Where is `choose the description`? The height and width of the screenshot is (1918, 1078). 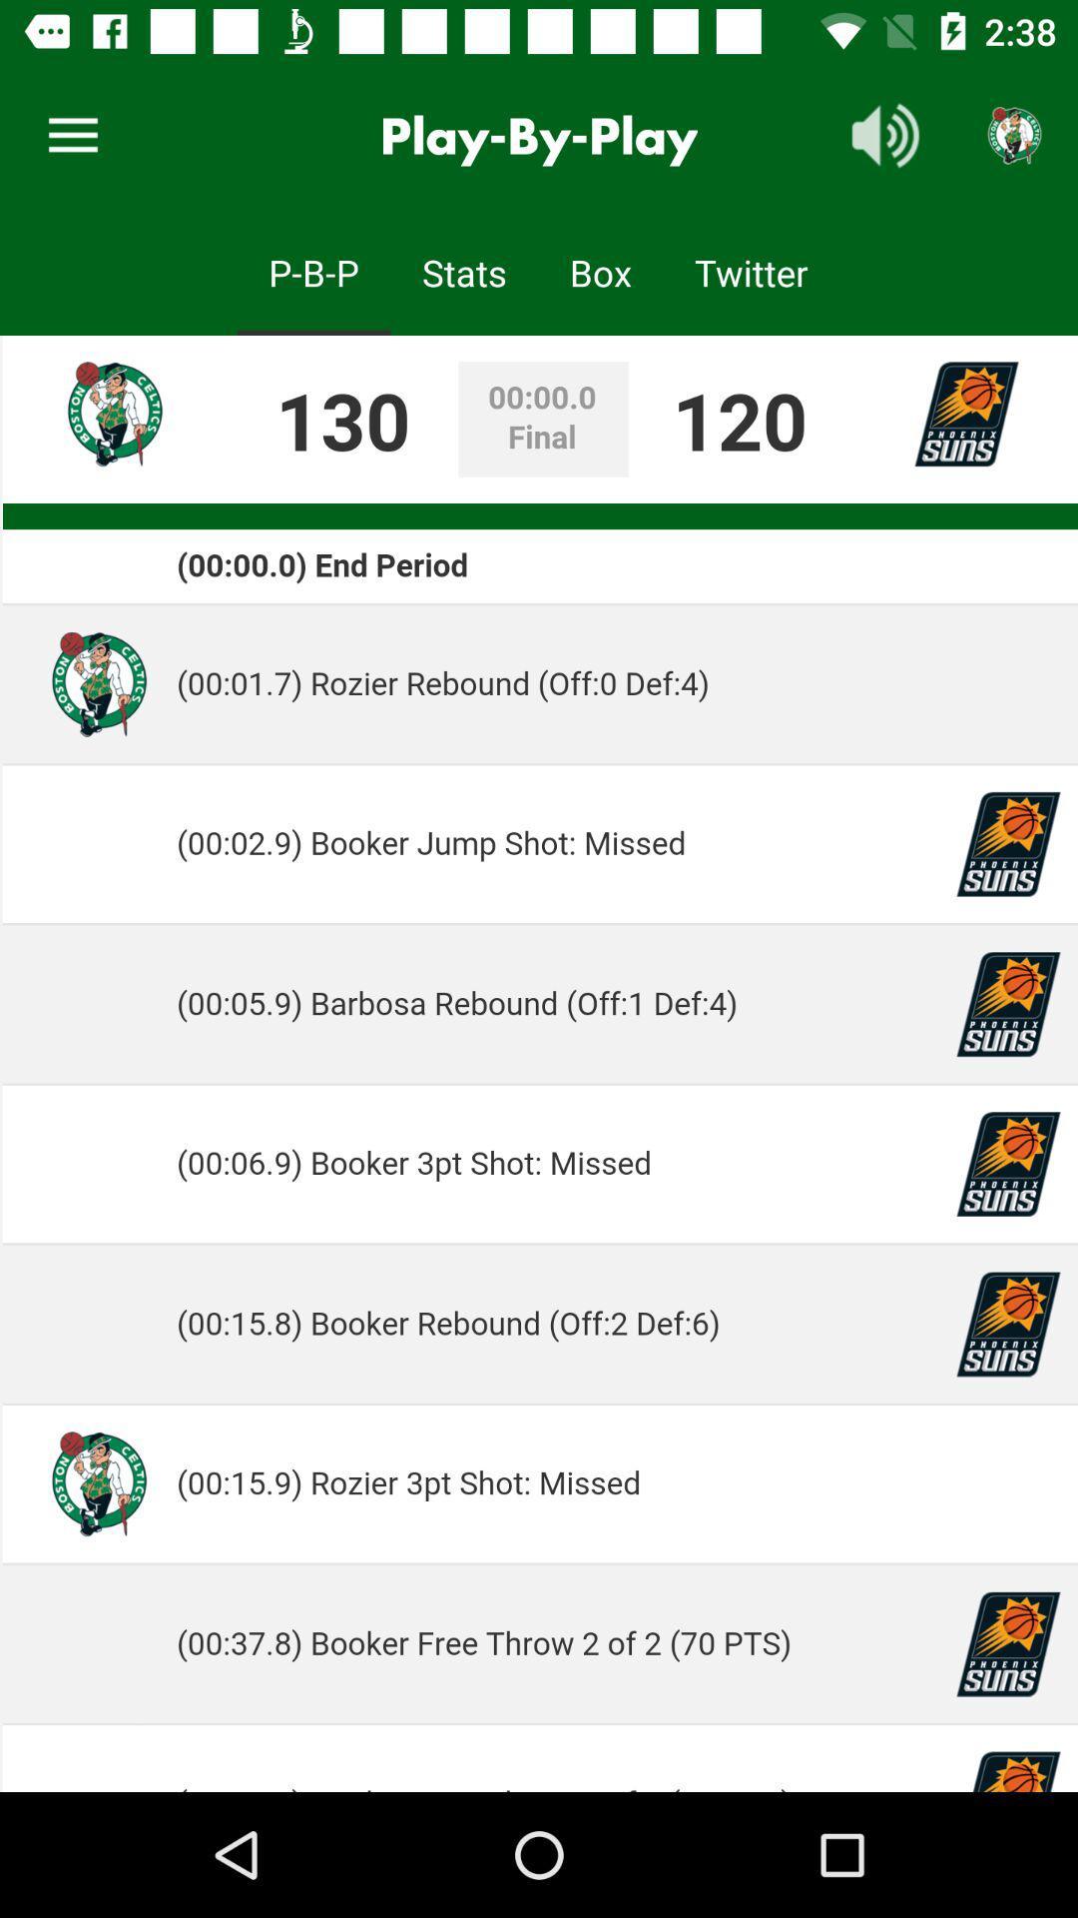
choose the description is located at coordinates (539, 1063).